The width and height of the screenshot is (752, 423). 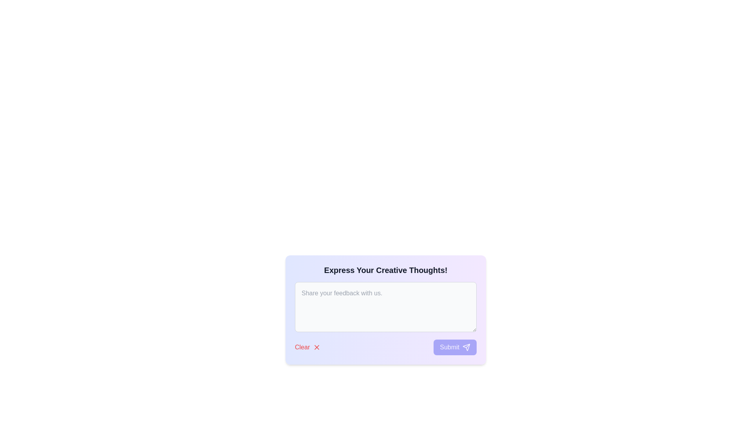 I want to click on the red 'X' icon button located in the 'Clear' button area of the feedback form interface, so click(x=317, y=347).